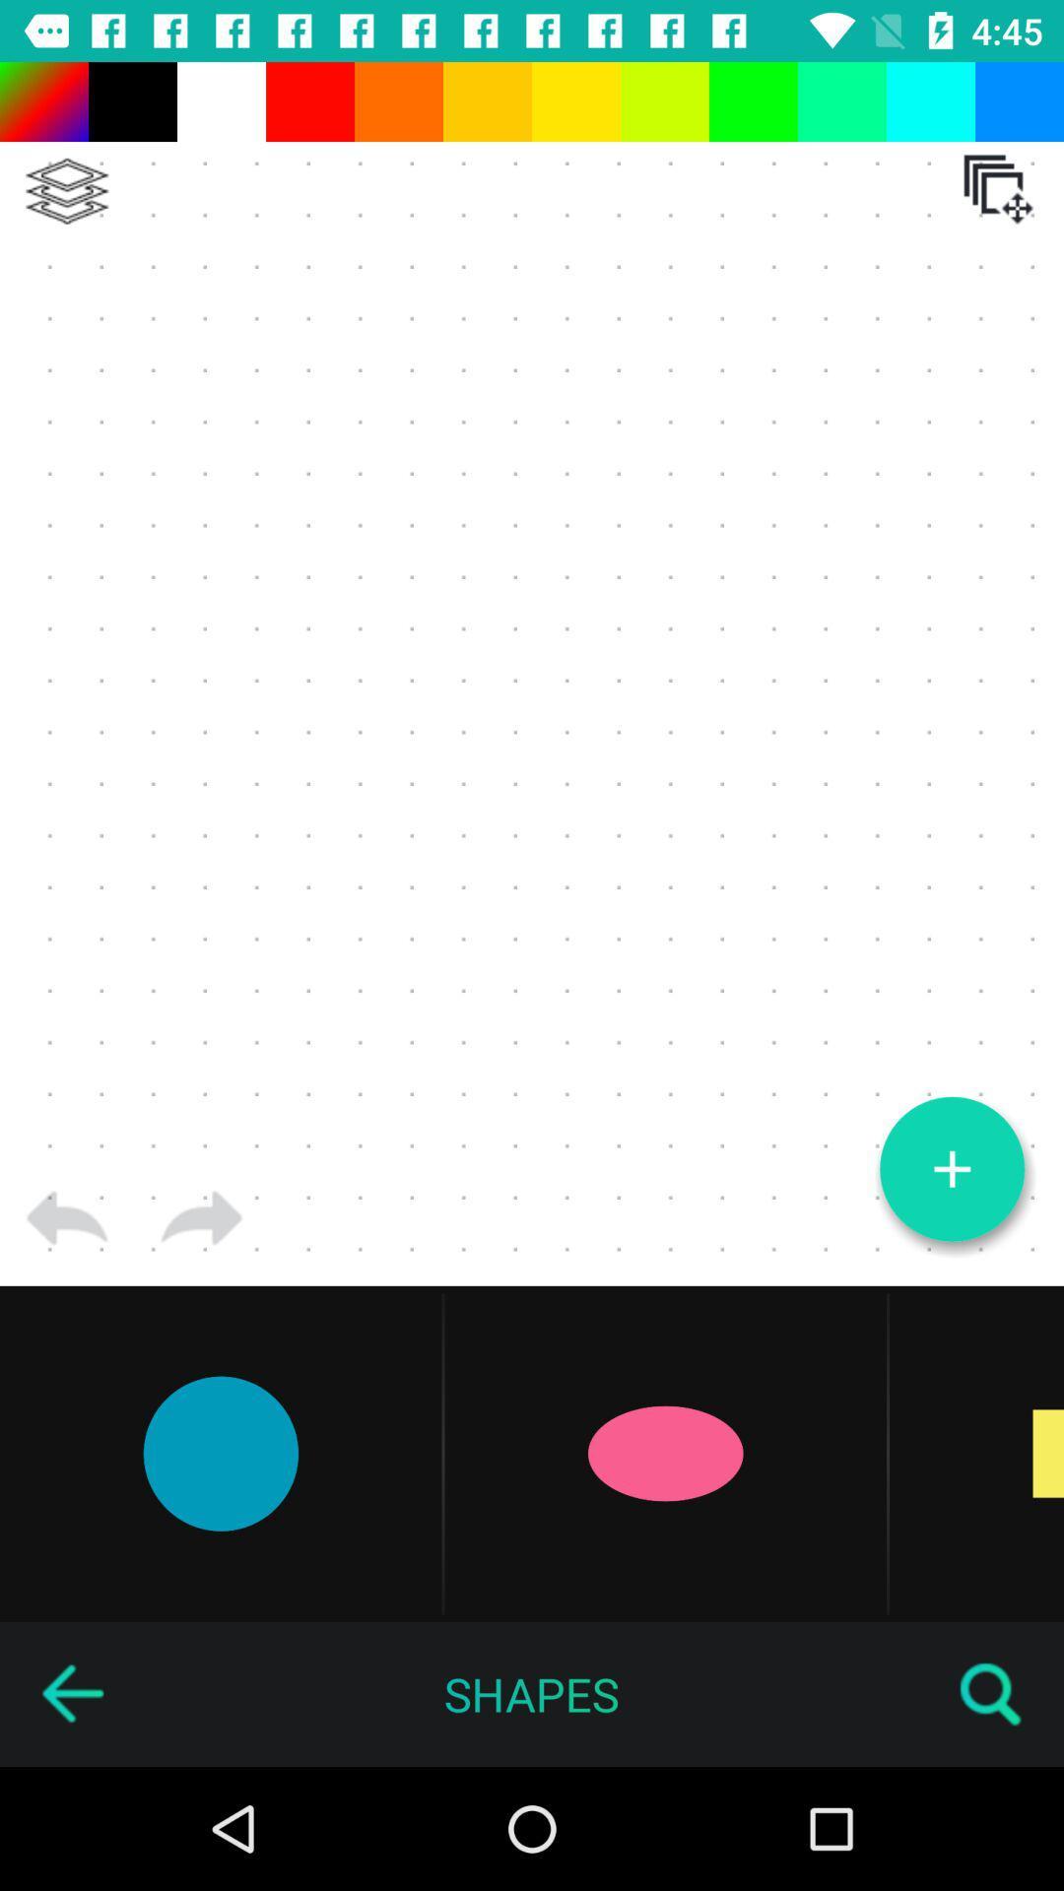 The height and width of the screenshot is (1891, 1064). I want to click on the icon to the right of shapes, so click(991, 1693).